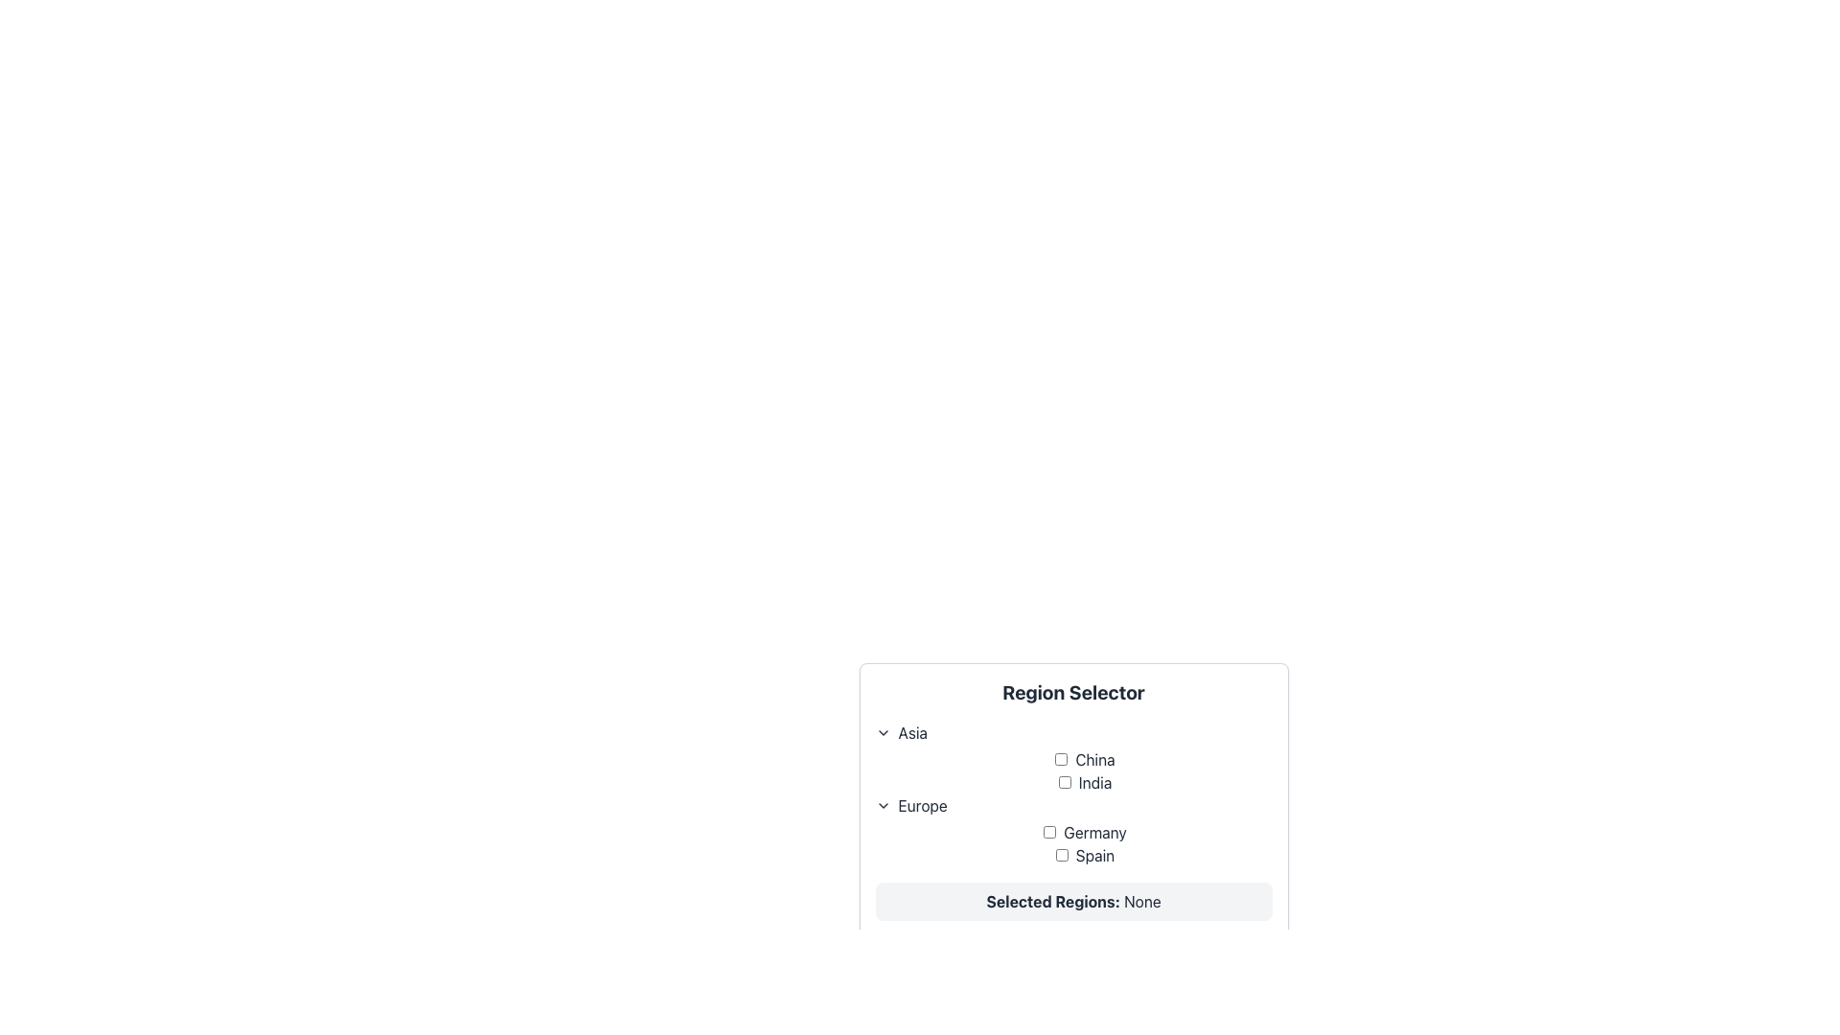 The height and width of the screenshot is (1035, 1840). Describe the element at coordinates (1085, 855) in the screenshot. I see `the 'Spain' checkbox in the 'Region Selector' panel to potentially display a tooltip` at that location.